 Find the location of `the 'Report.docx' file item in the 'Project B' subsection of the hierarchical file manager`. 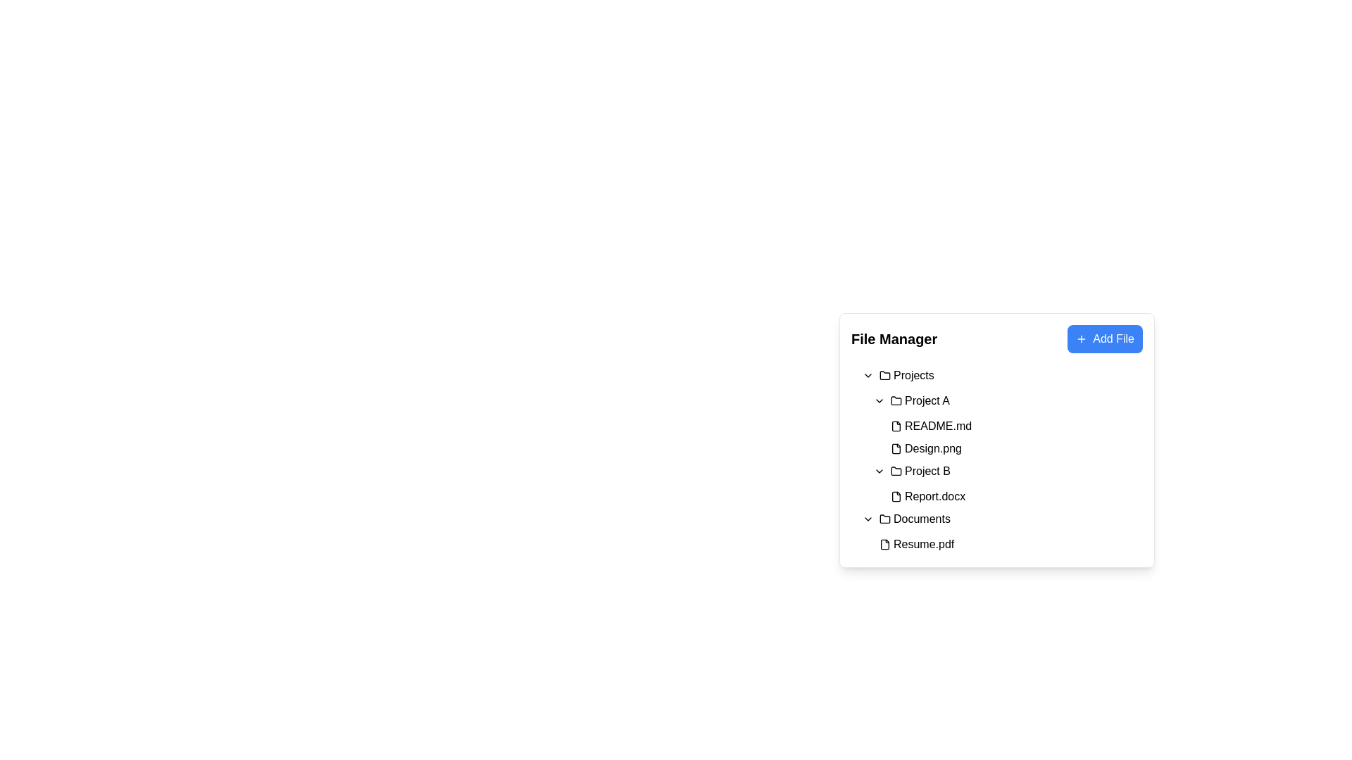

the 'Report.docx' file item in the 'Project B' subsection of the hierarchical file manager is located at coordinates (928, 495).